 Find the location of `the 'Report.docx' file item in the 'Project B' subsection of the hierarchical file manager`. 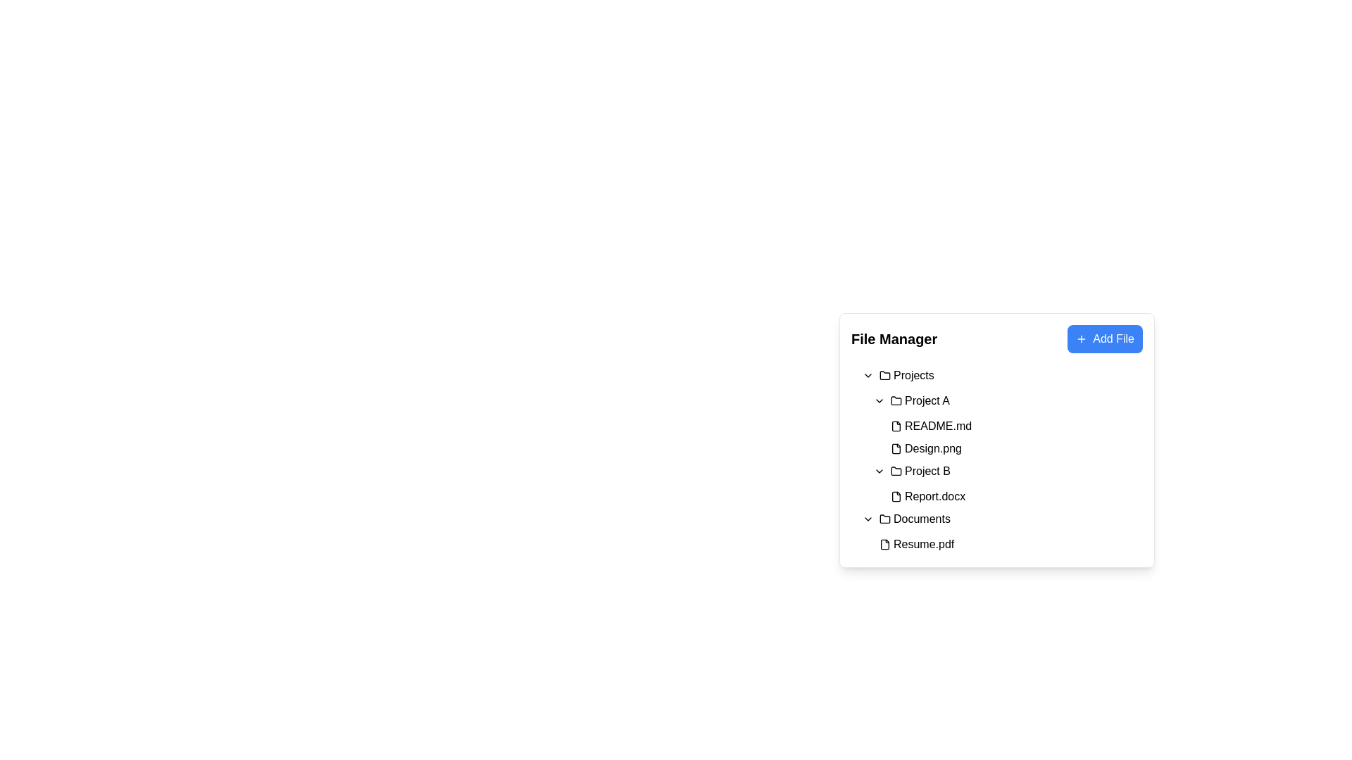

the 'Report.docx' file item in the 'Project B' subsection of the hierarchical file manager is located at coordinates (928, 495).